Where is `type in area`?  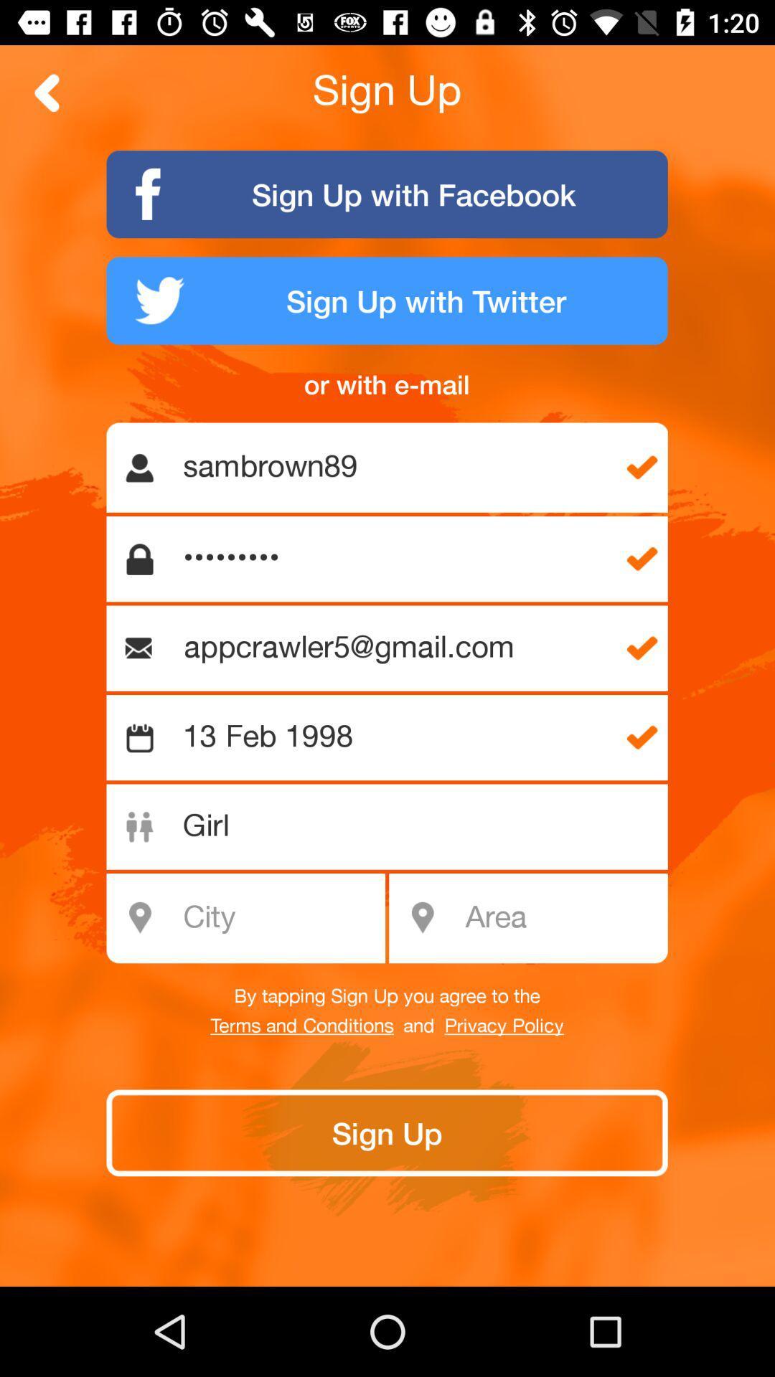 type in area is located at coordinates (561, 918).